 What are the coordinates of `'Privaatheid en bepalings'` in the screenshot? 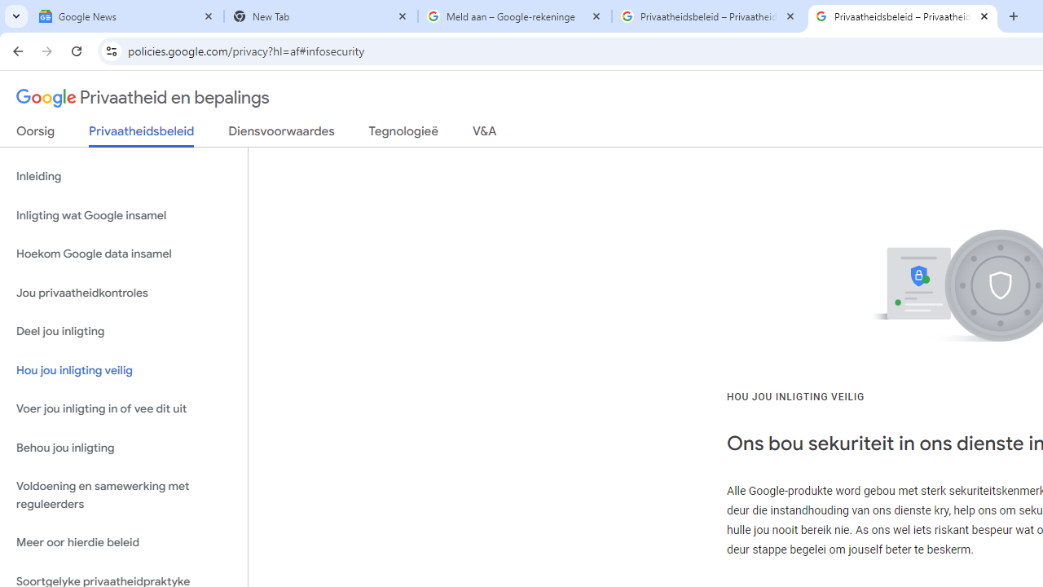 It's located at (143, 98).